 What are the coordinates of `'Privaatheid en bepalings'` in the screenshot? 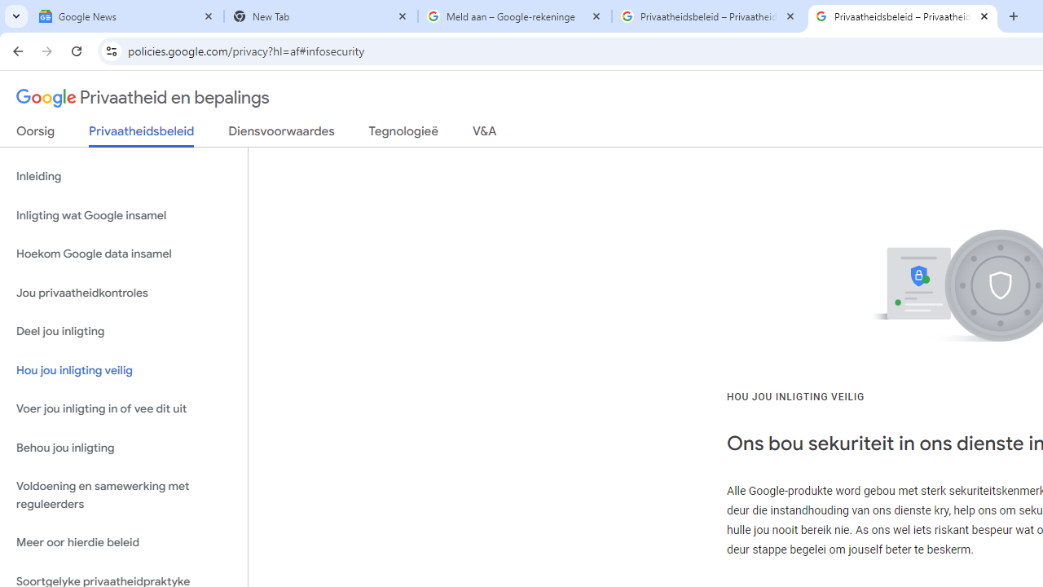 It's located at (143, 98).